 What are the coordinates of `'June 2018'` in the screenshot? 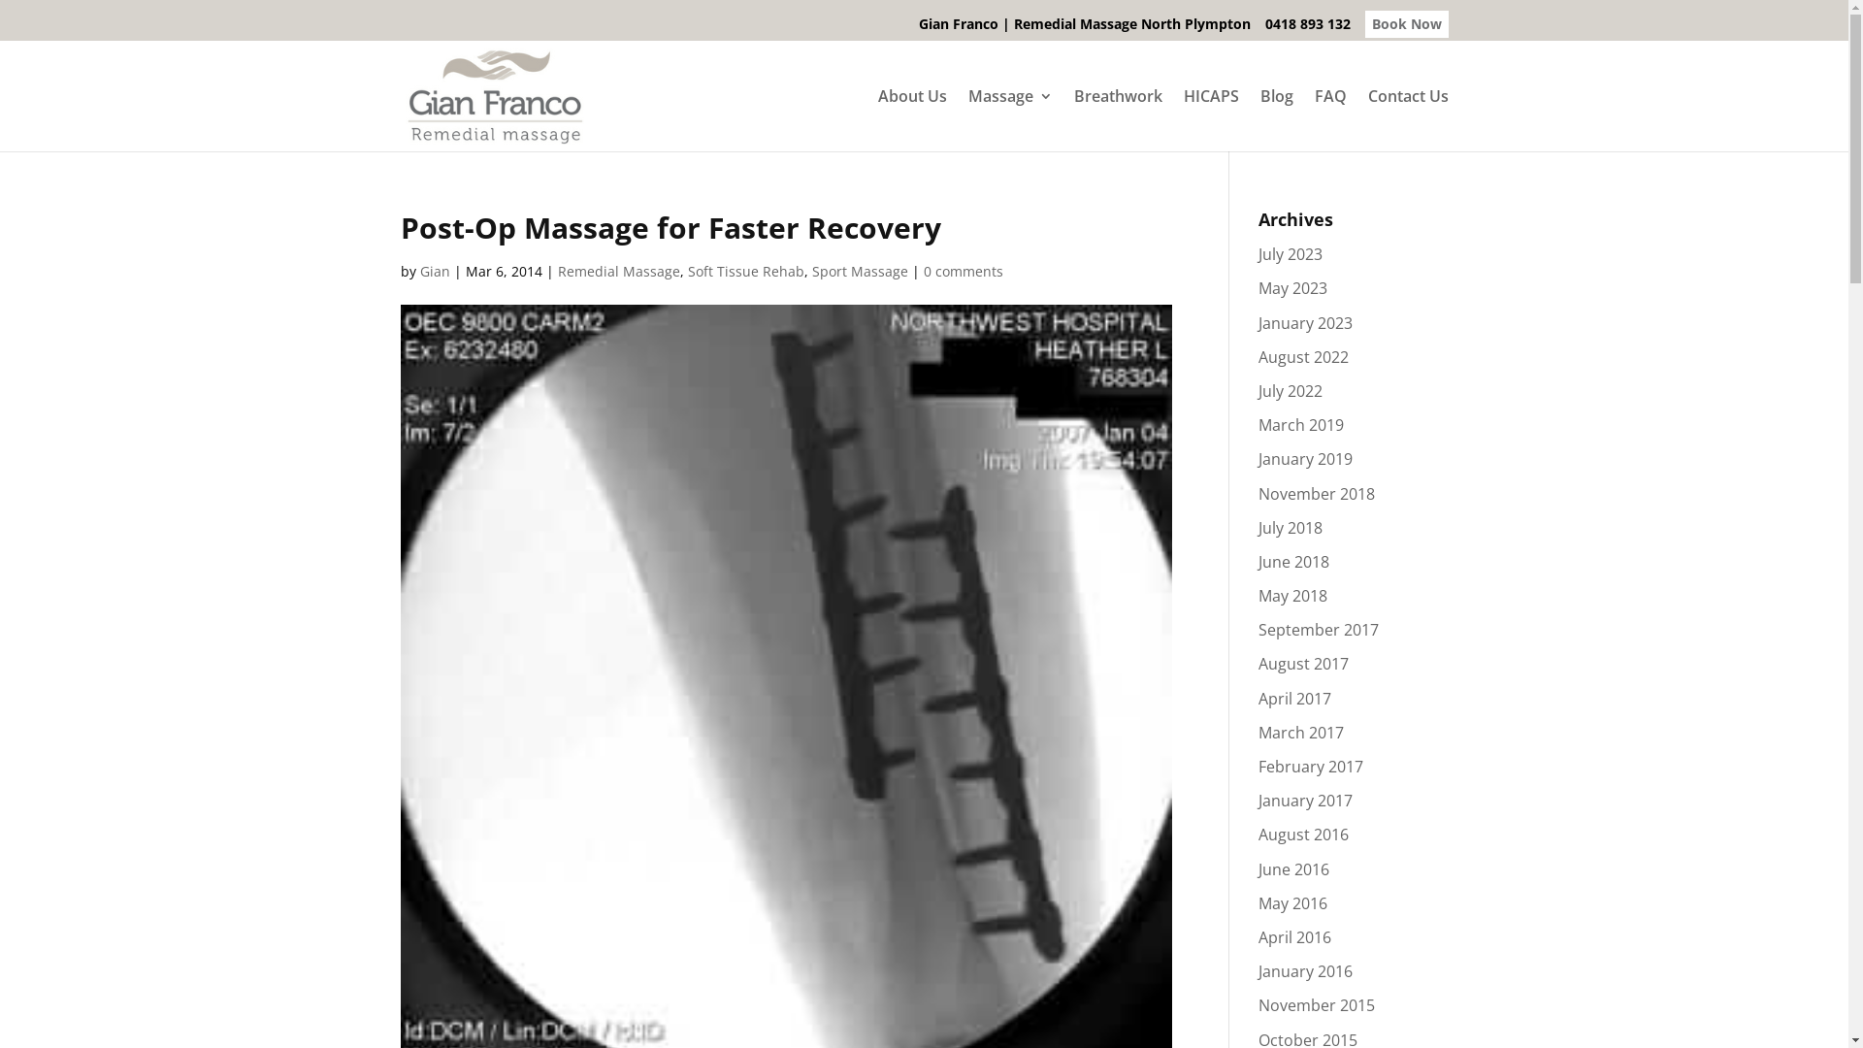 It's located at (1293, 561).